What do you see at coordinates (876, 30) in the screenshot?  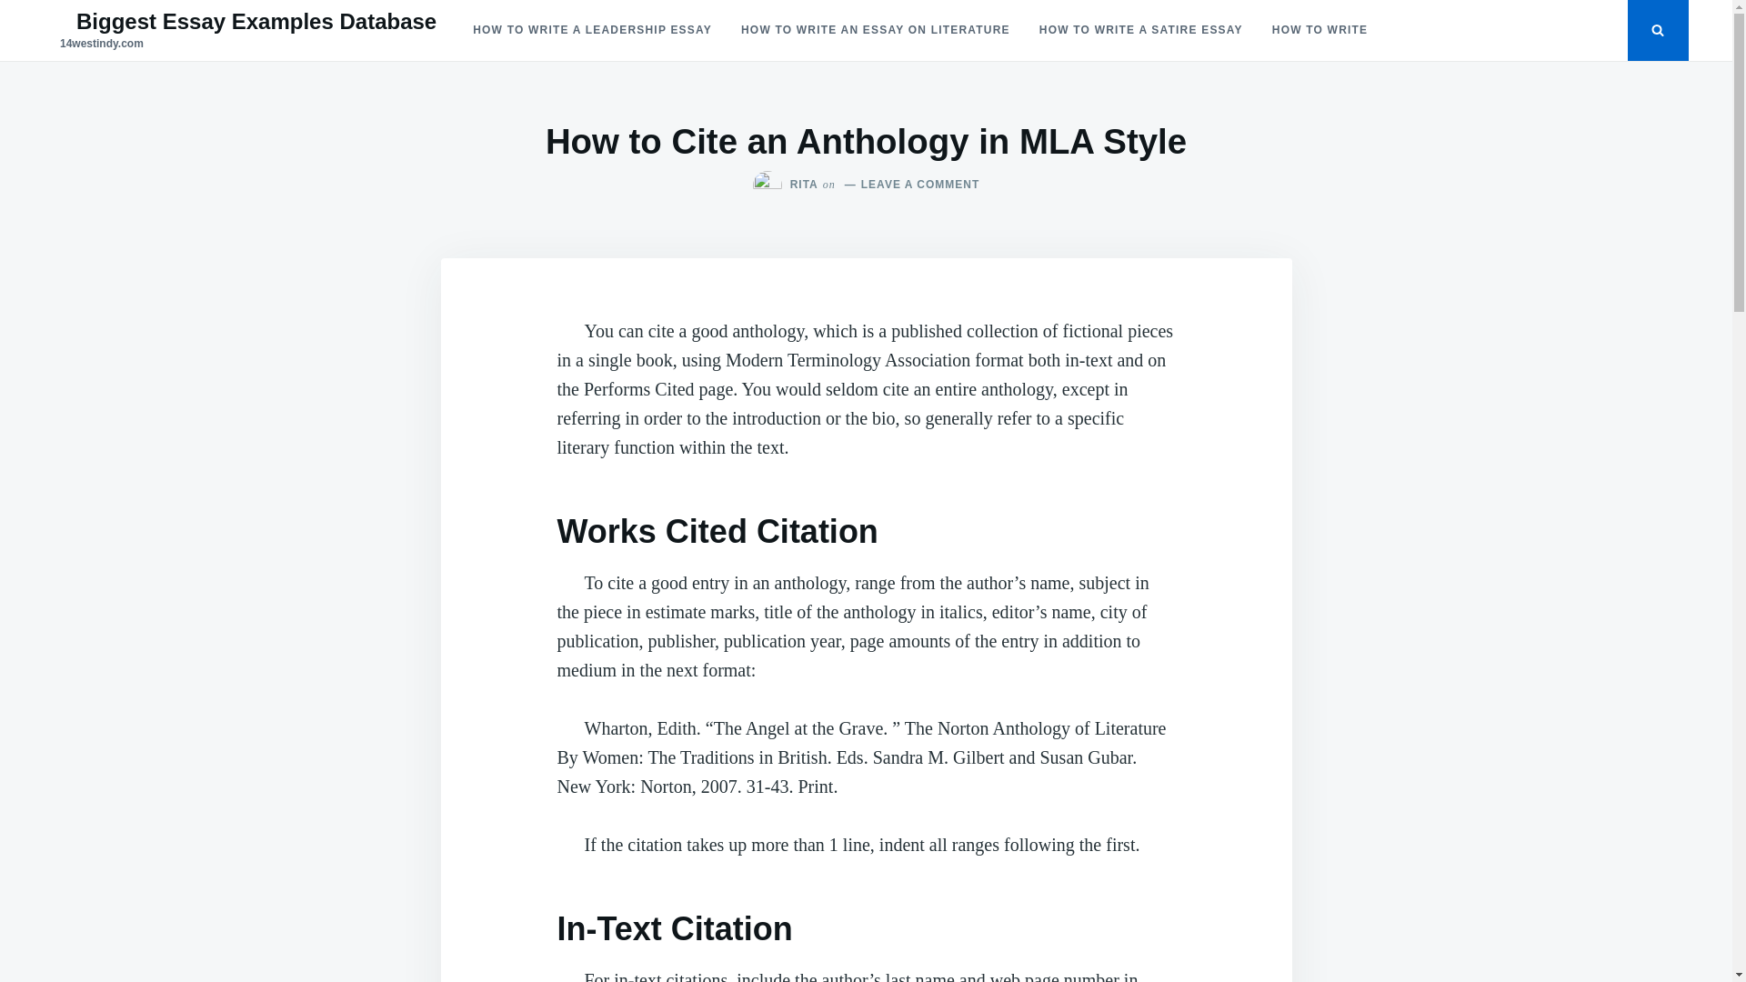 I see `'HOW TO WRITE AN ESSAY ON LITERATURE'` at bounding box center [876, 30].